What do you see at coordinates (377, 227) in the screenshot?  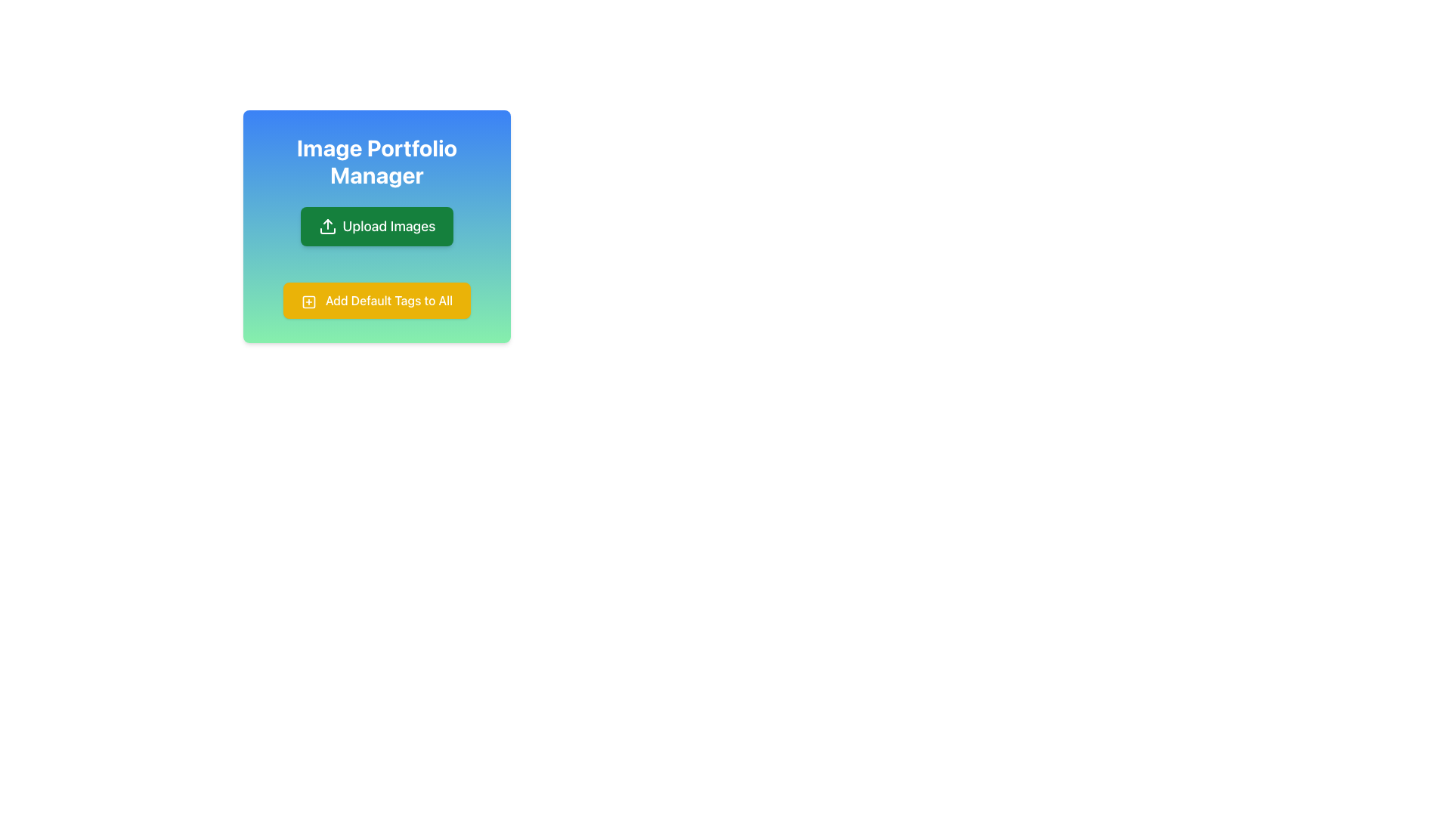 I see `the first button within the 'Image Portfolio Manager' section, located above the 'Add Default Tags to All' button` at bounding box center [377, 227].